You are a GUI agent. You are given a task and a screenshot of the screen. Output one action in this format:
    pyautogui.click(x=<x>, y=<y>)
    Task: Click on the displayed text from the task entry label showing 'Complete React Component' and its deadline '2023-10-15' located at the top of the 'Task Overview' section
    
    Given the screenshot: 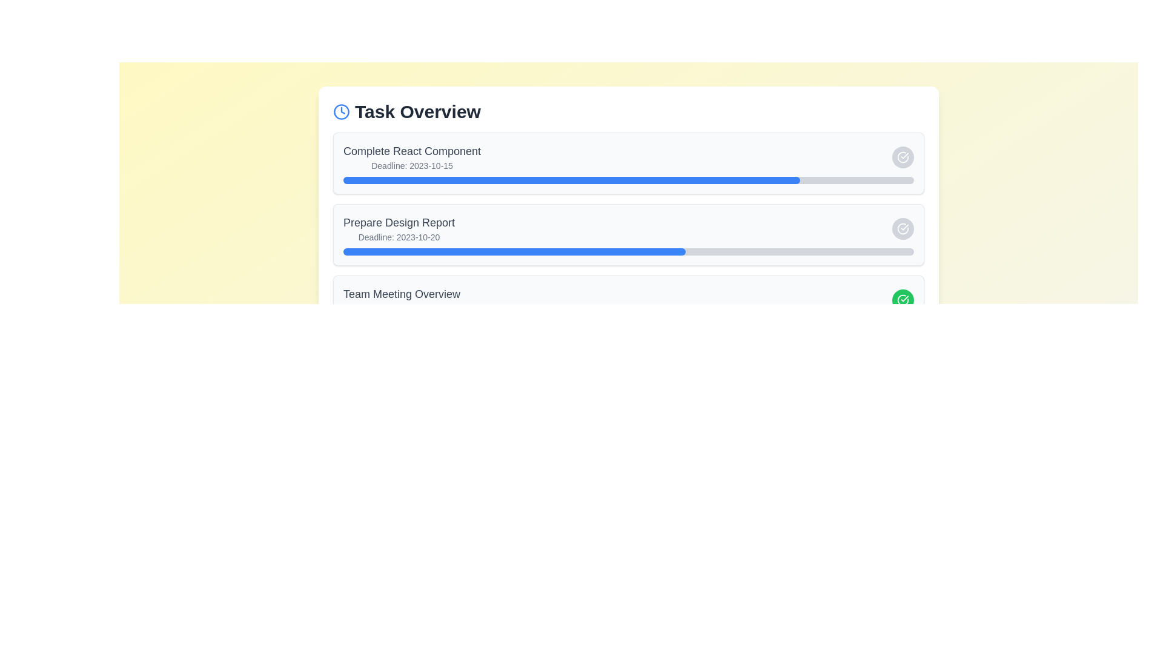 What is the action you would take?
    pyautogui.click(x=412, y=156)
    